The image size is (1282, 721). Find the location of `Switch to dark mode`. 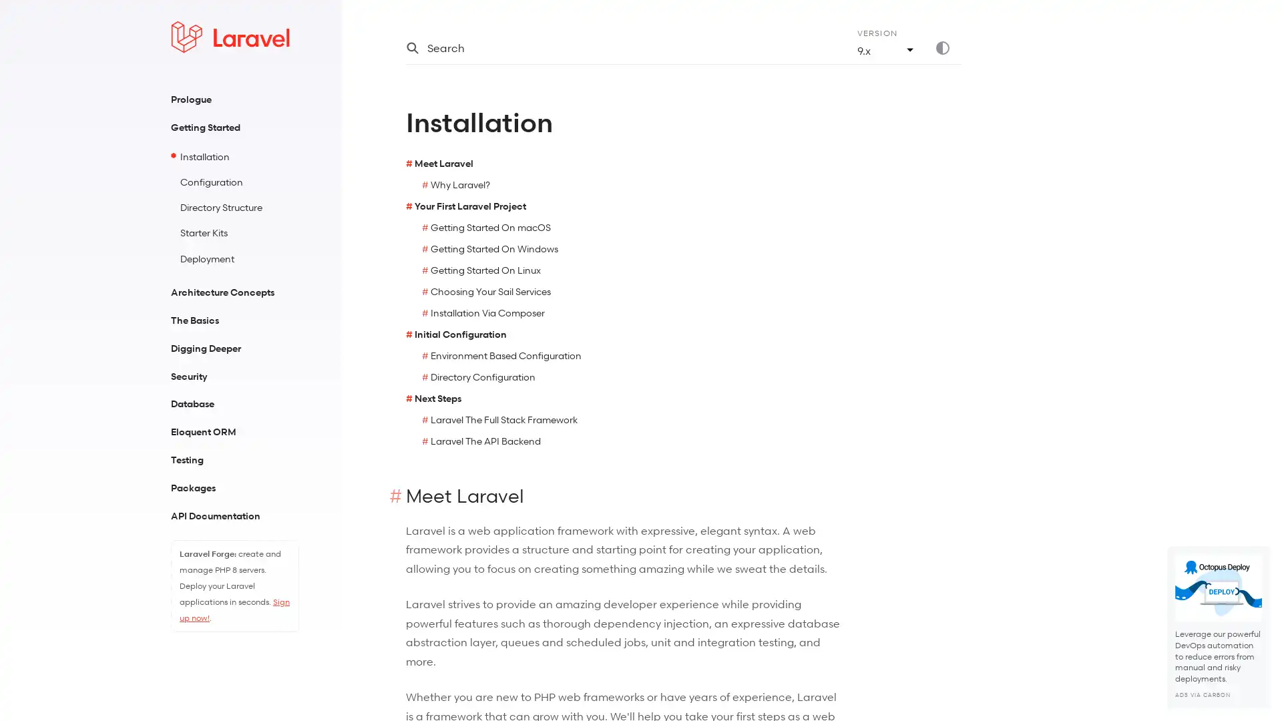

Switch to dark mode is located at coordinates (947, 47).